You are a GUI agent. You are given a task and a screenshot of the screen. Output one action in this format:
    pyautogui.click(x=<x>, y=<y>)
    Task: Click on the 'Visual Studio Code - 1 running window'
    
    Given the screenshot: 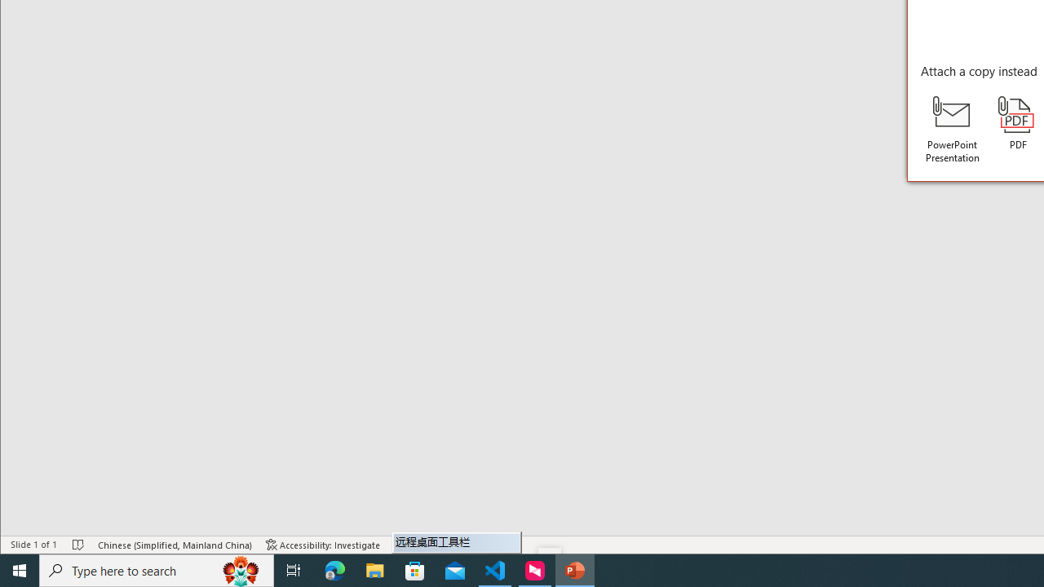 What is the action you would take?
    pyautogui.click(x=494, y=569)
    